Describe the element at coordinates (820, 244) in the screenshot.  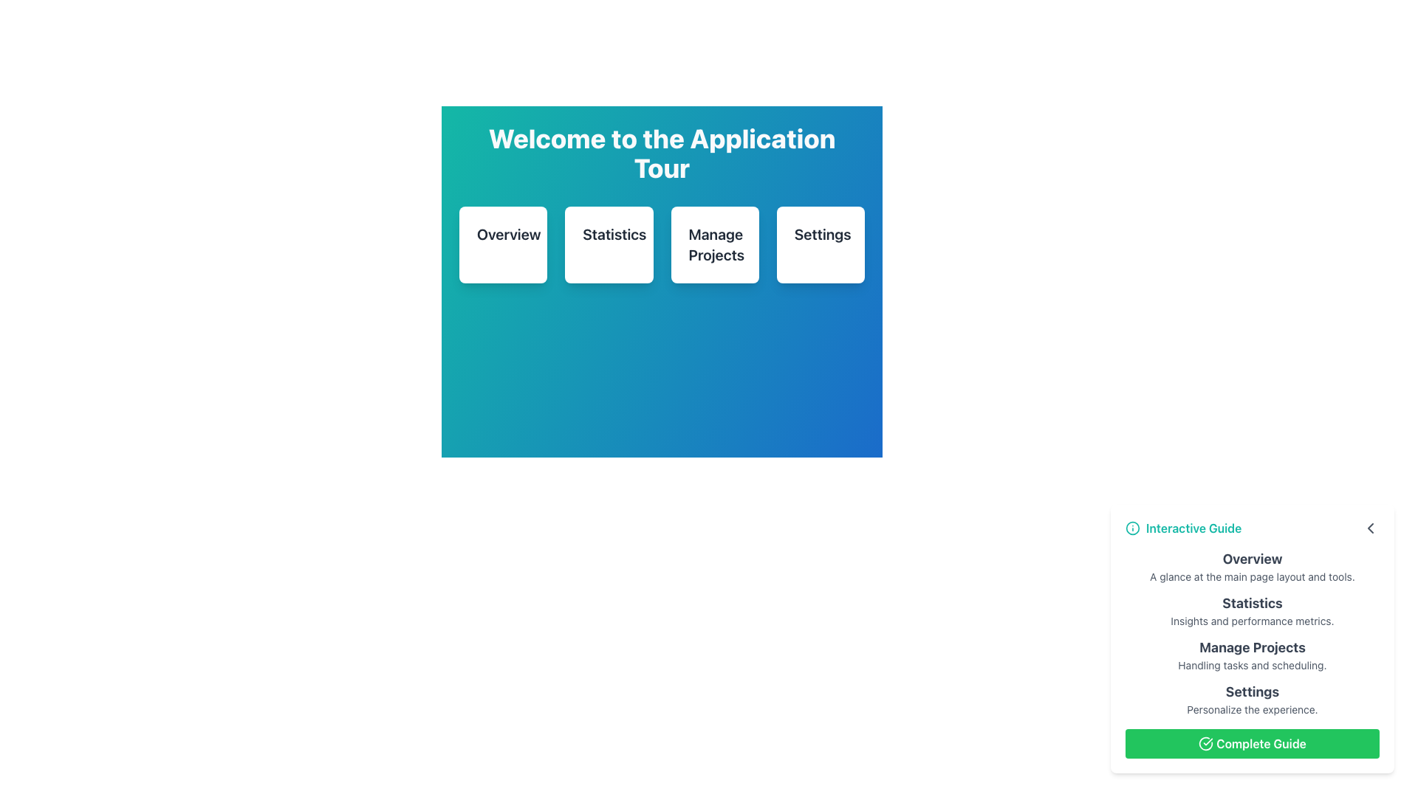
I see `the text-based navigation item or button located on the right side of the row under 'Welcome to the Application Tour'` at that location.